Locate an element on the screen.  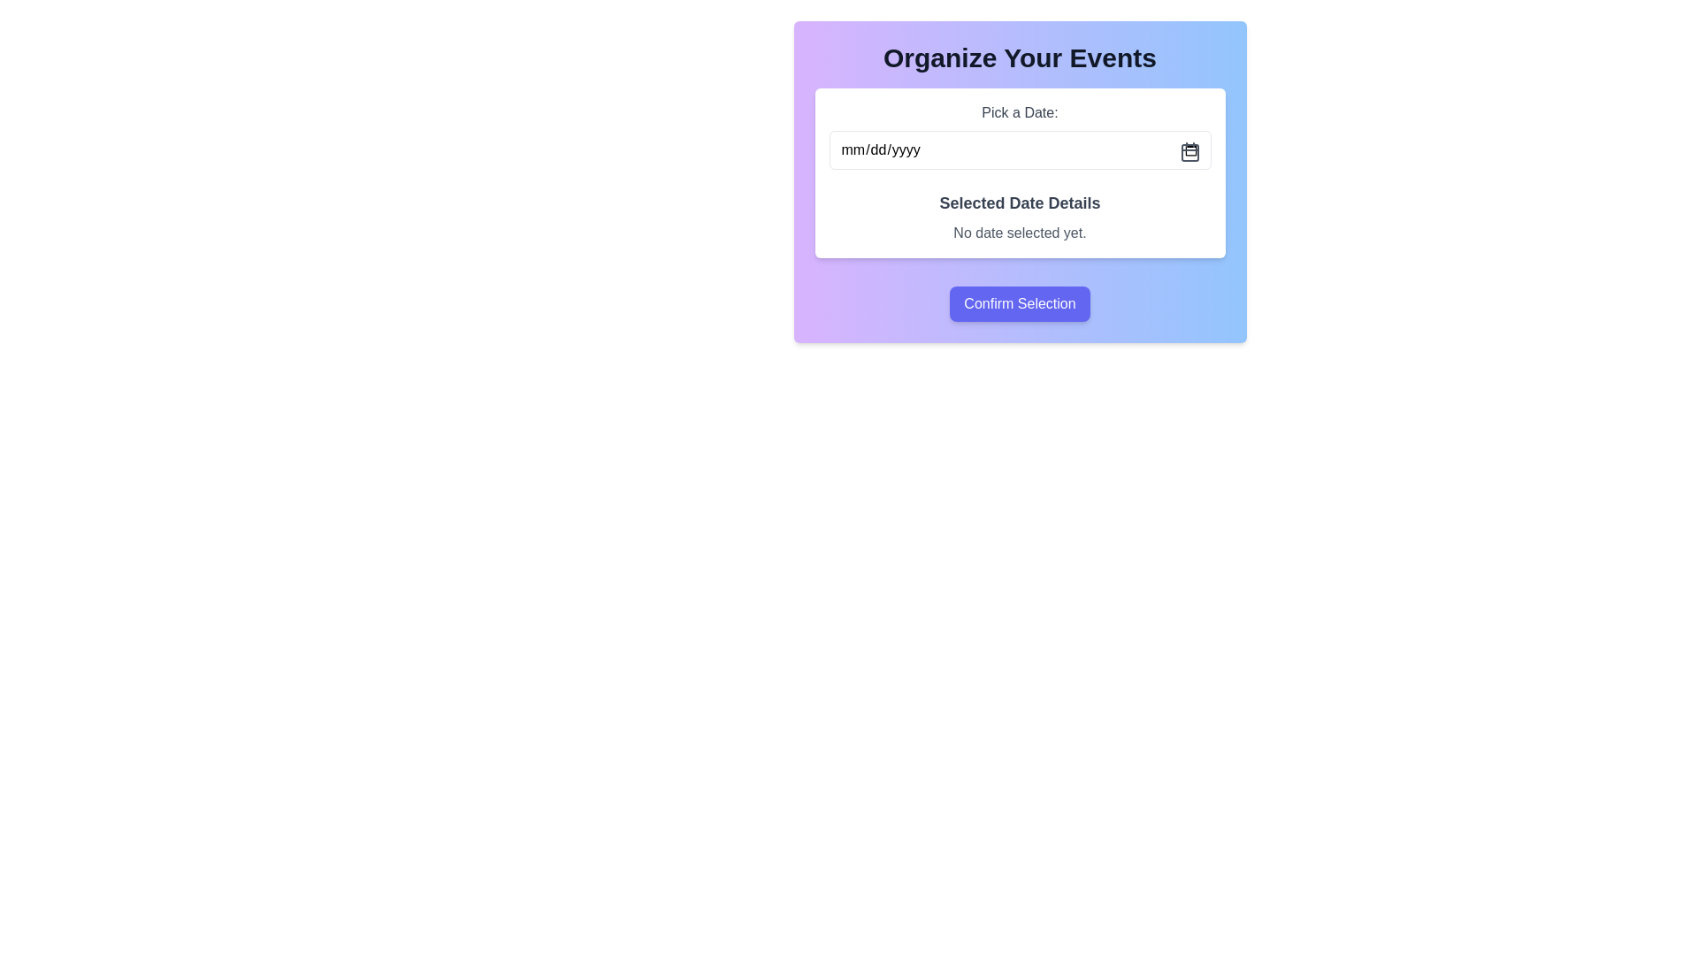
the calendar icon located near the top right corner of the date input field is located at coordinates (1189, 152).